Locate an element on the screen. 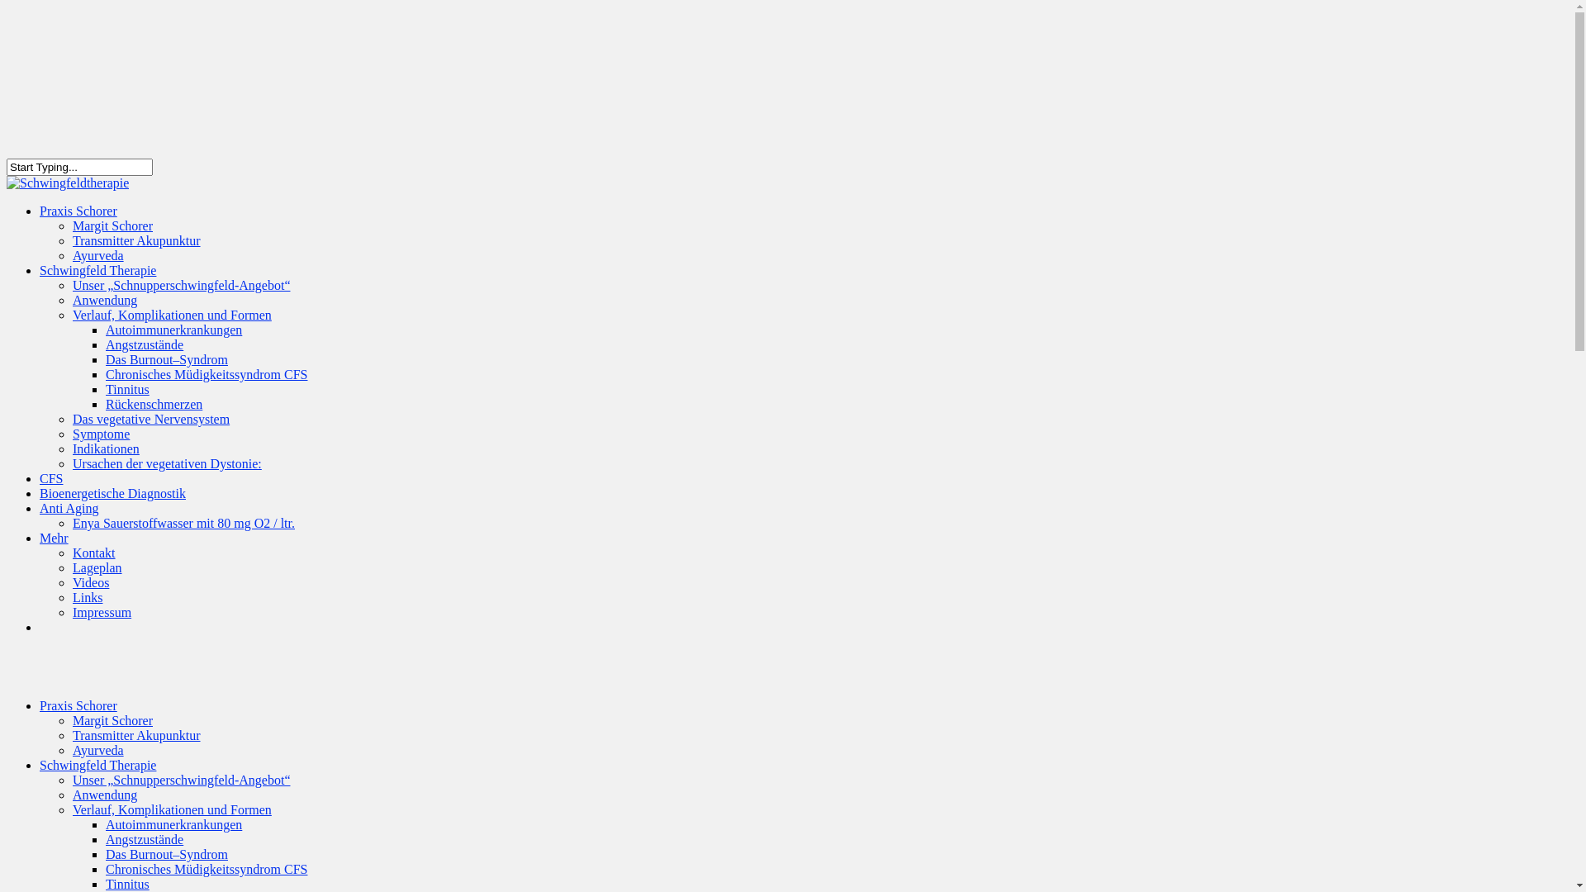 Image resolution: width=1586 pixels, height=892 pixels. 'Verlauf, Komplikationen und Formen' is located at coordinates (172, 809).